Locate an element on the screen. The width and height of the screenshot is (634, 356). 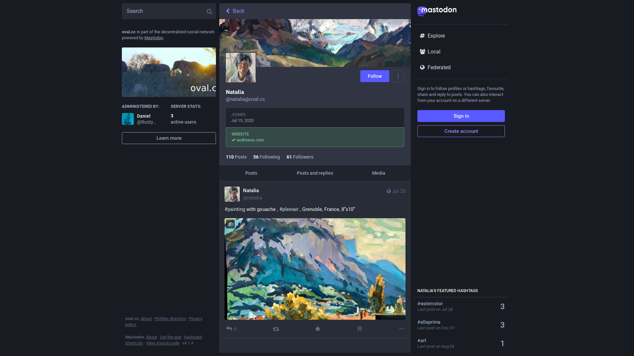
'Hide image' is located at coordinates (226, 223).